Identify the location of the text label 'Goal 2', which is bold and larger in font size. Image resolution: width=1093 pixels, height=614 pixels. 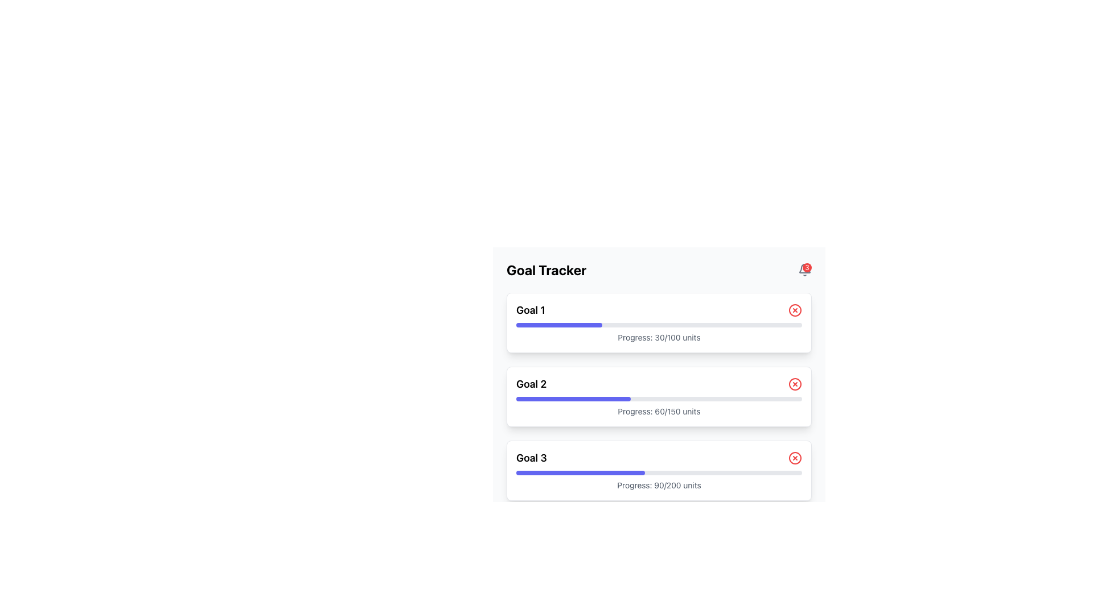
(531, 384).